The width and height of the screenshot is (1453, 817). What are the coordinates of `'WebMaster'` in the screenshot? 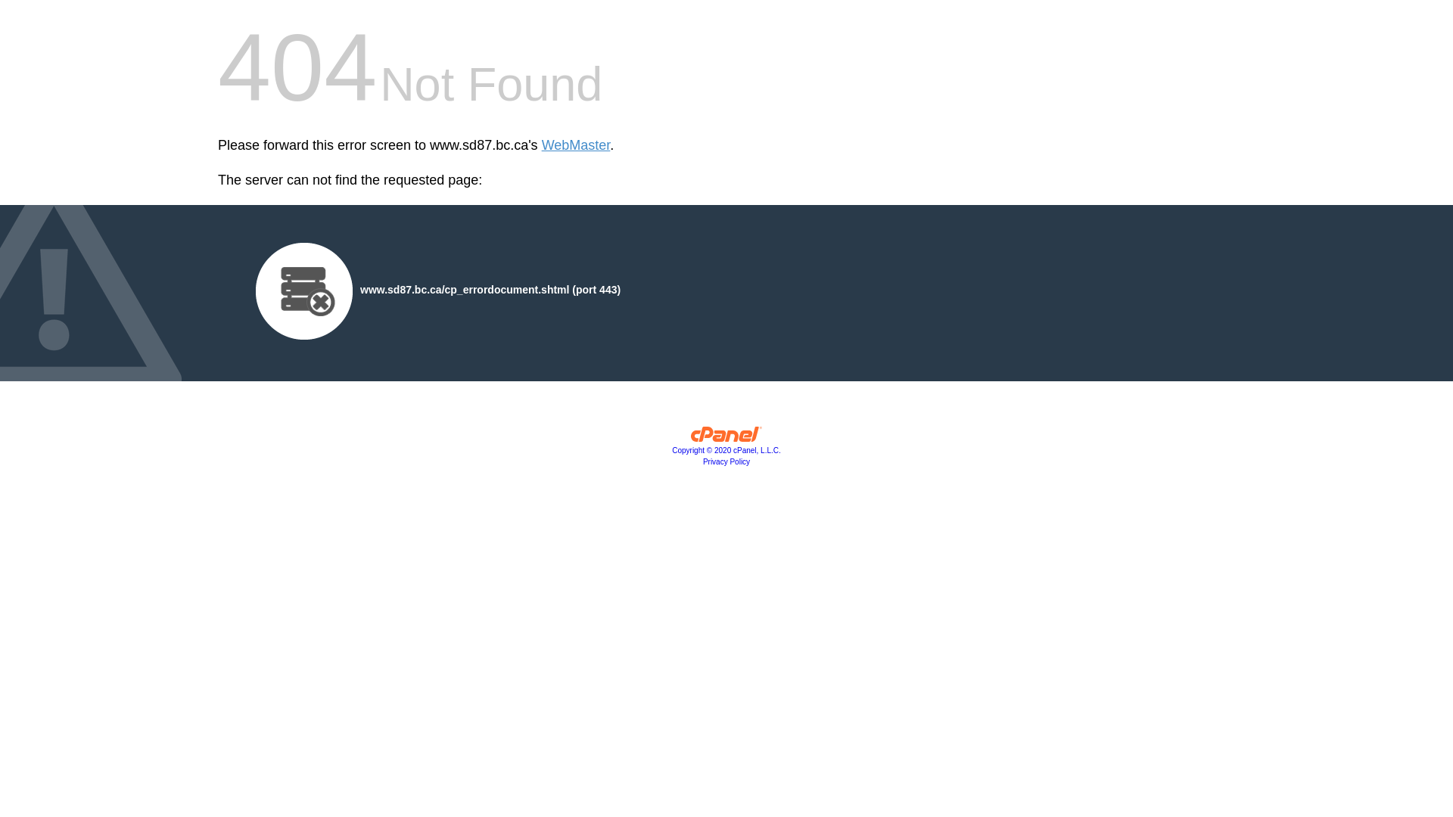 It's located at (575, 145).